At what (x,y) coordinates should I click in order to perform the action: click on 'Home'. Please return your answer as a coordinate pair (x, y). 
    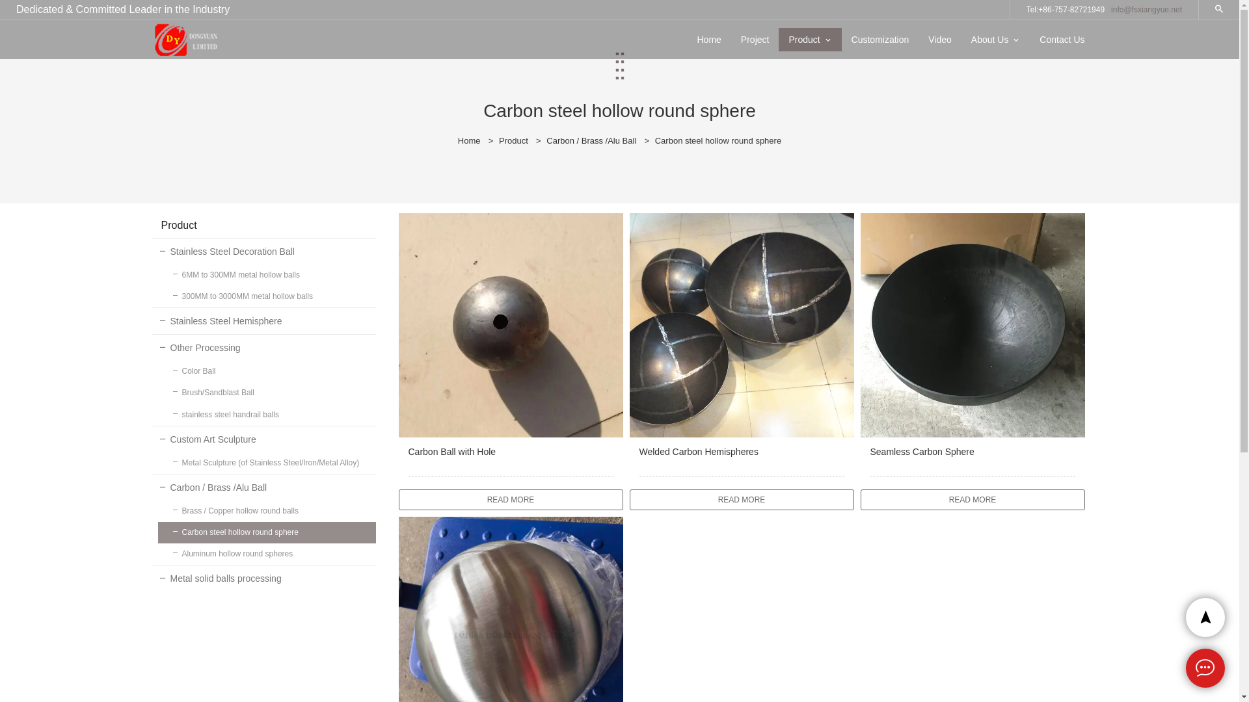
    Looking at the image, I should click on (468, 140).